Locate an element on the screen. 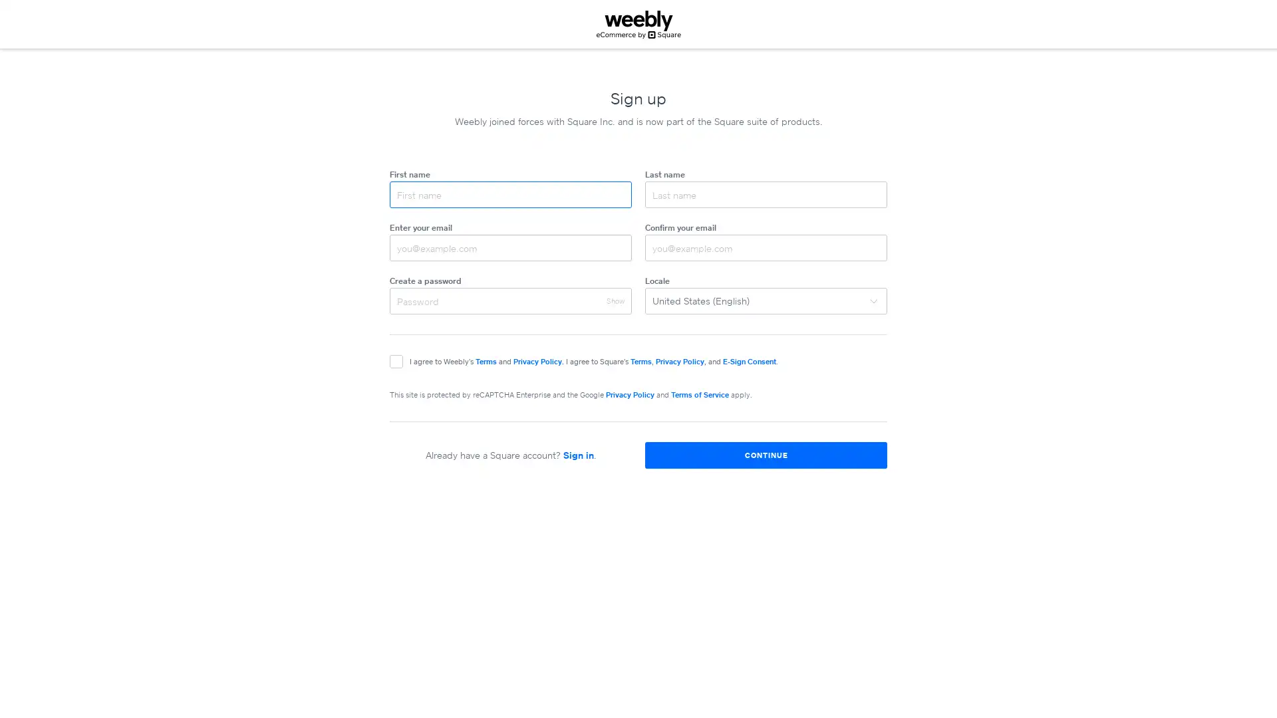  Show is located at coordinates (615, 300).